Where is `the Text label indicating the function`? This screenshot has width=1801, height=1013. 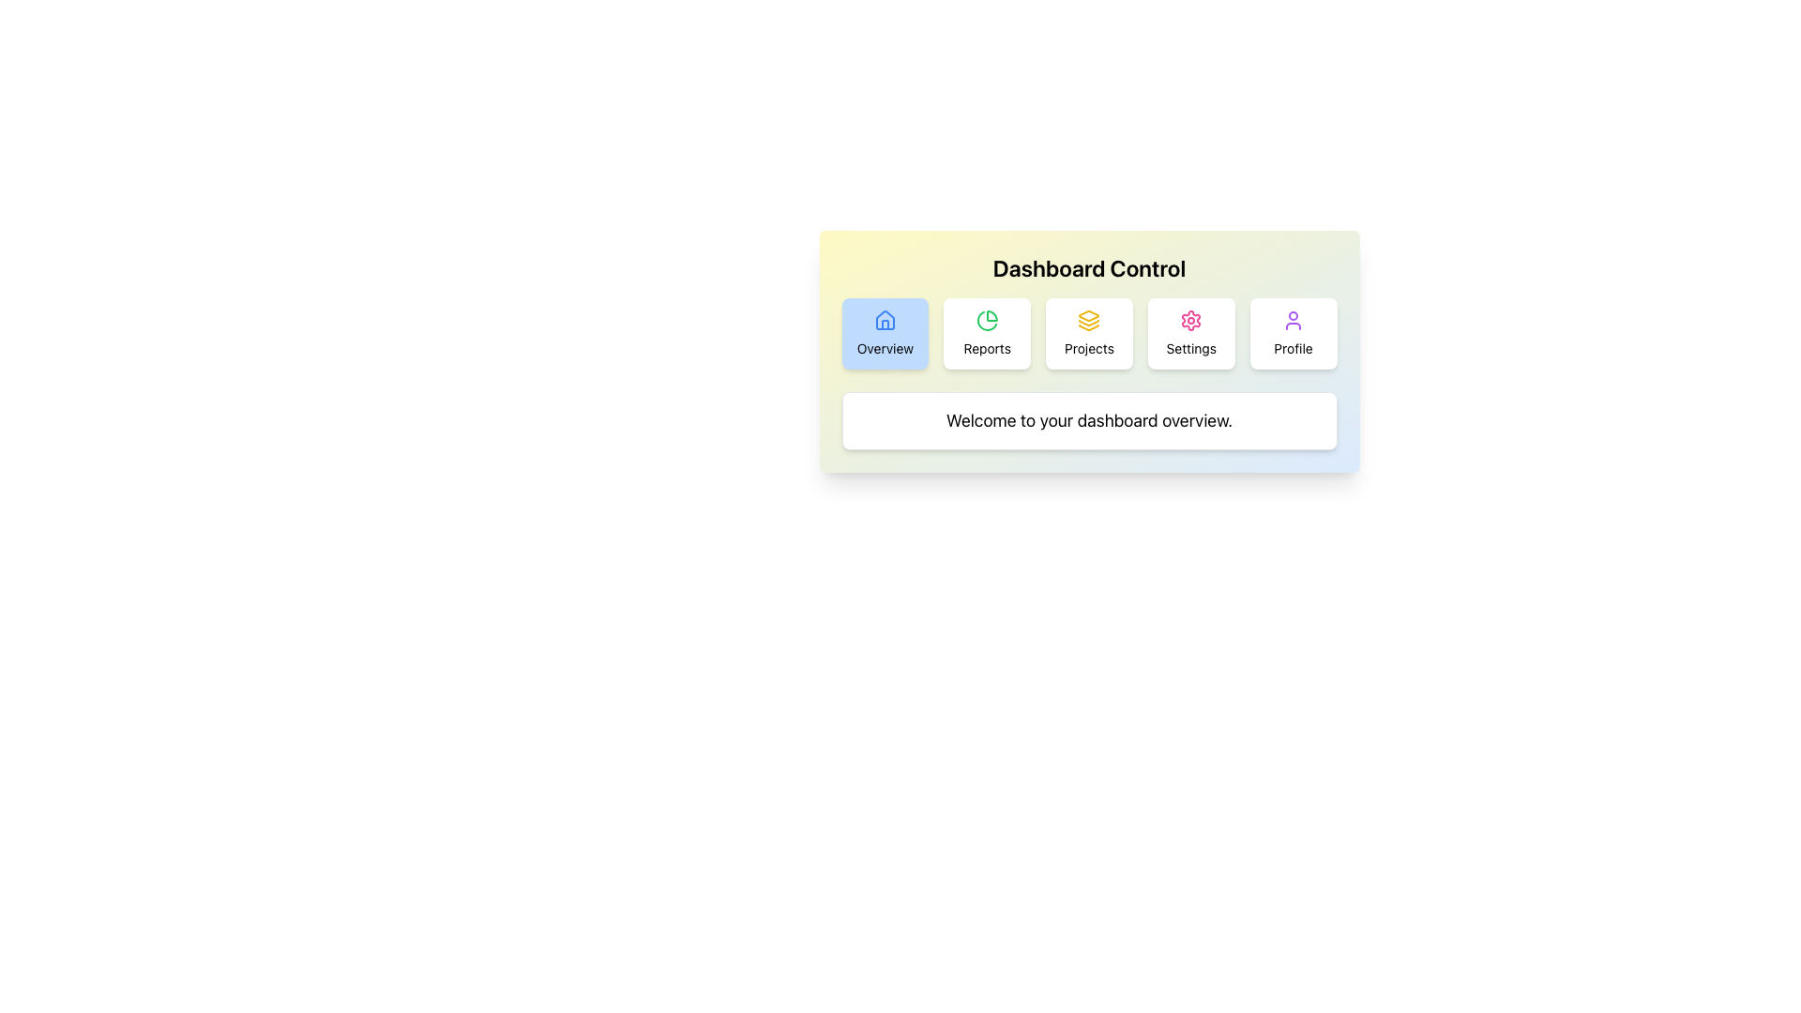
the Text label indicating the function is located at coordinates (1089, 348).